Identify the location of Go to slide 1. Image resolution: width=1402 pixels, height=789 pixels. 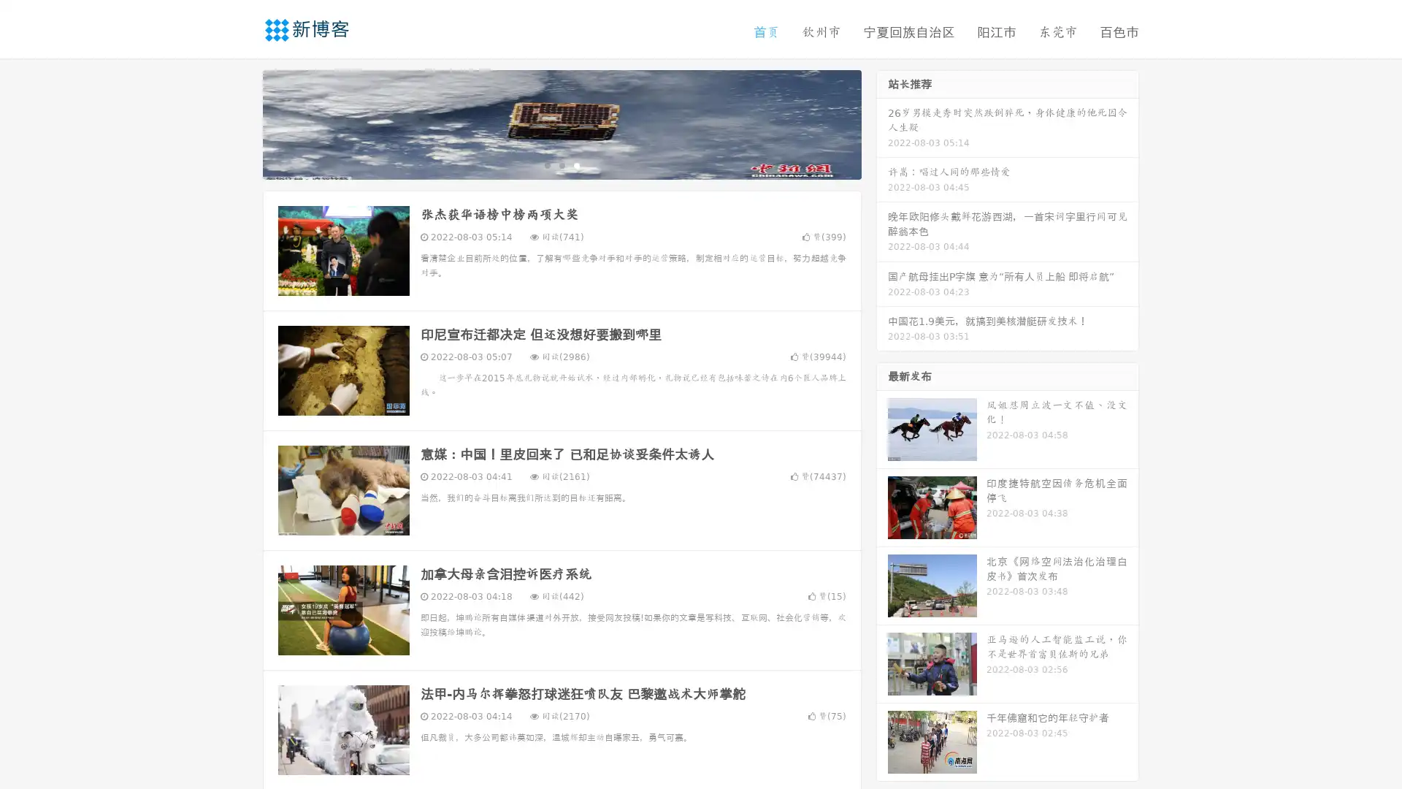
(546, 164).